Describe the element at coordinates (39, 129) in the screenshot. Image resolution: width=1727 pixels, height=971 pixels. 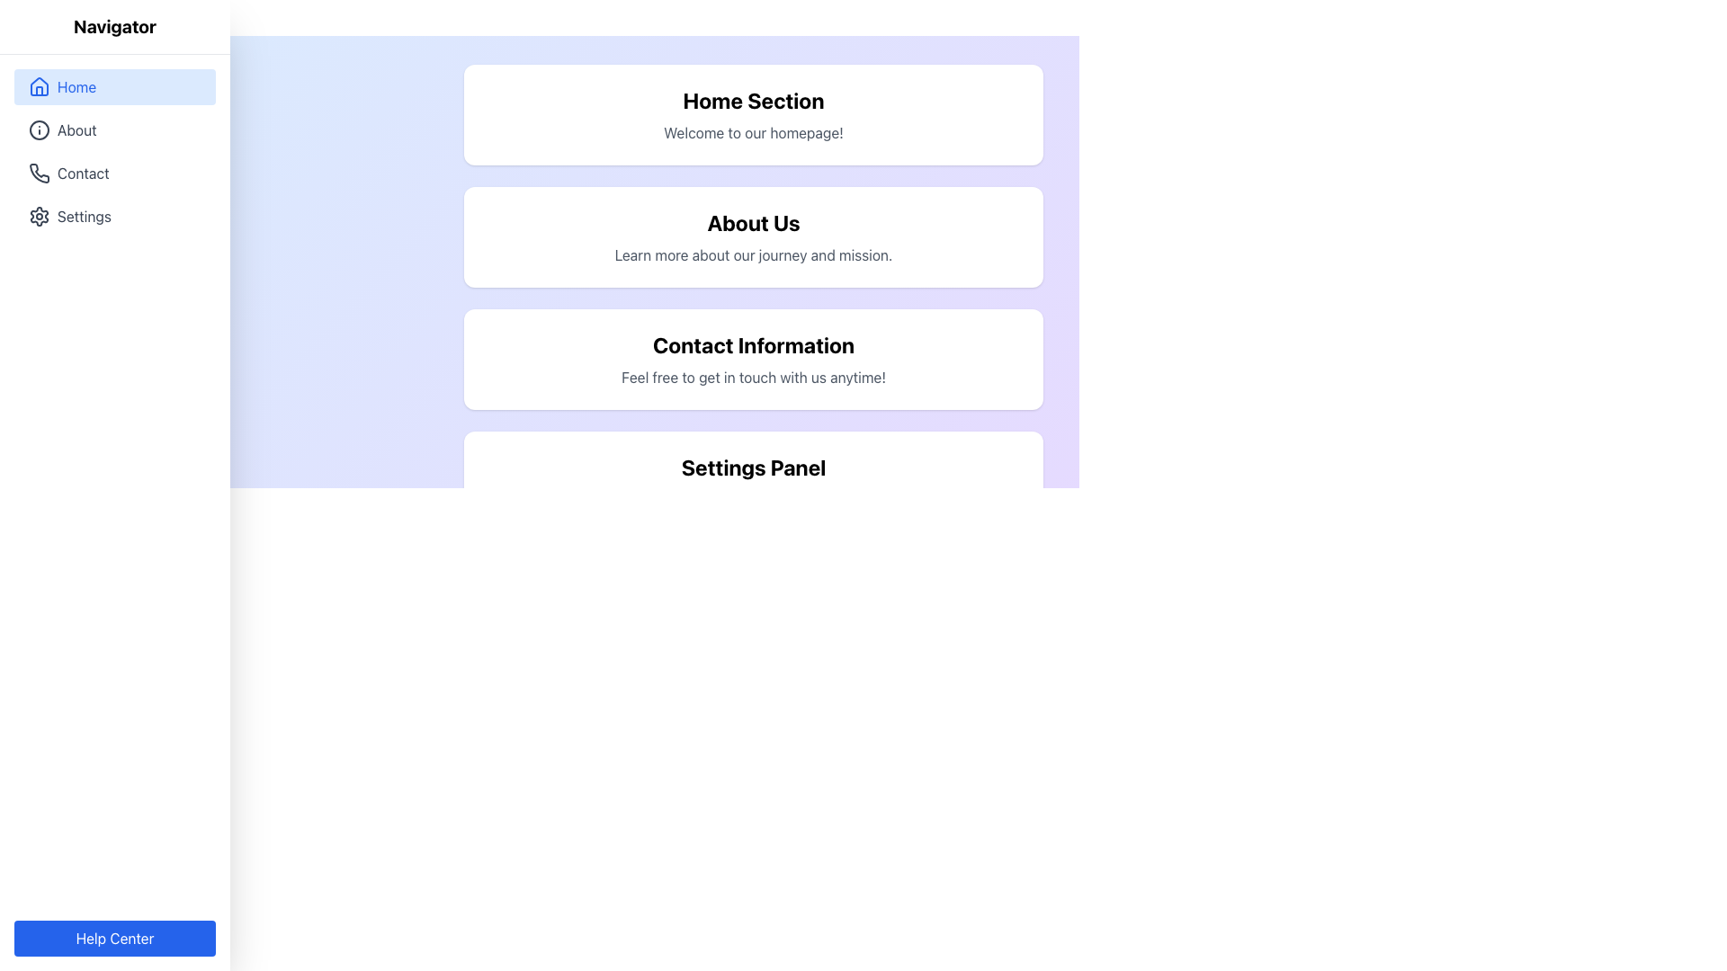
I see `the circular information icon located in the 'About' menu item of the vertical navigation sidebar, positioned directly to the left of the 'About' text` at that location.